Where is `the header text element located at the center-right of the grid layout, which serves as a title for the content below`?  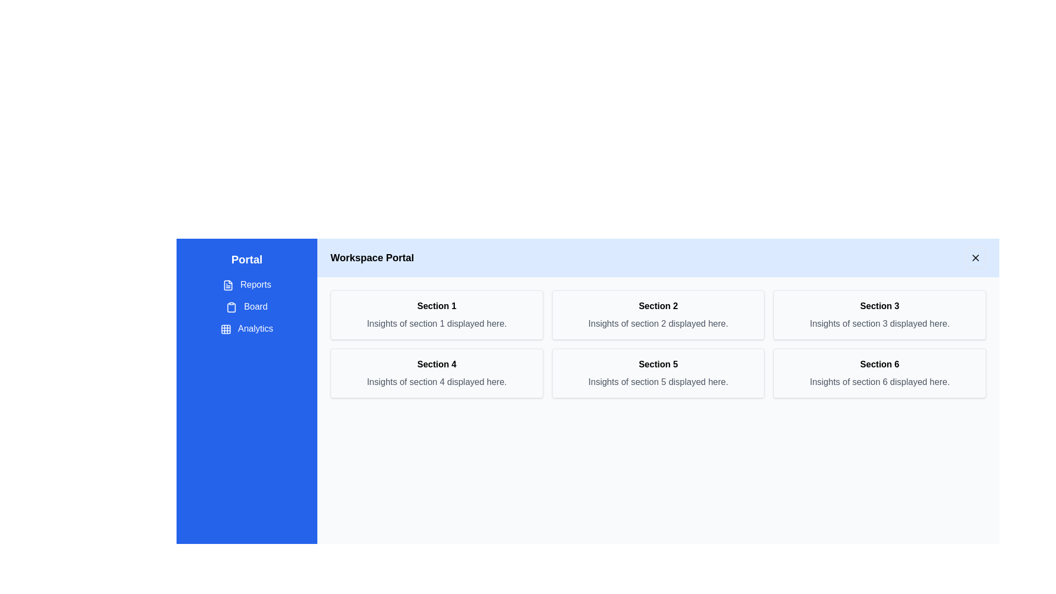
the header text element located at the center-right of the grid layout, which serves as a title for the content below is located at coordinates (658, 365).